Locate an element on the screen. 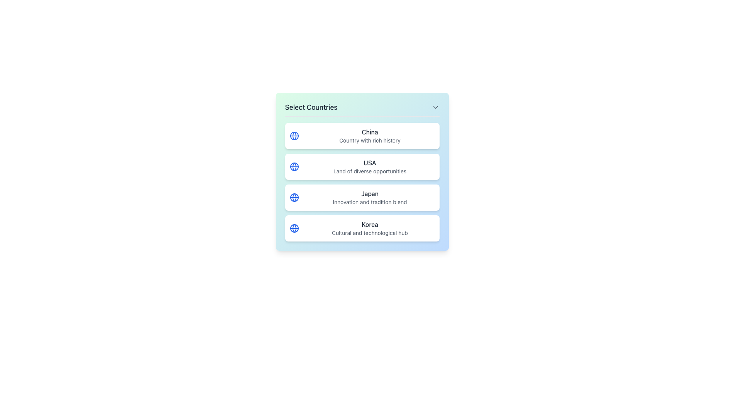  the label containing the text 'Japan', which is the third item in a vertical list of countries, positioned between 'USA' and 'Korea' is located at coordinates (369, 193).